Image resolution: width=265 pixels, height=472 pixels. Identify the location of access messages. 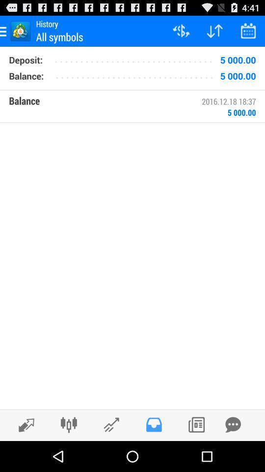
(154, 424).